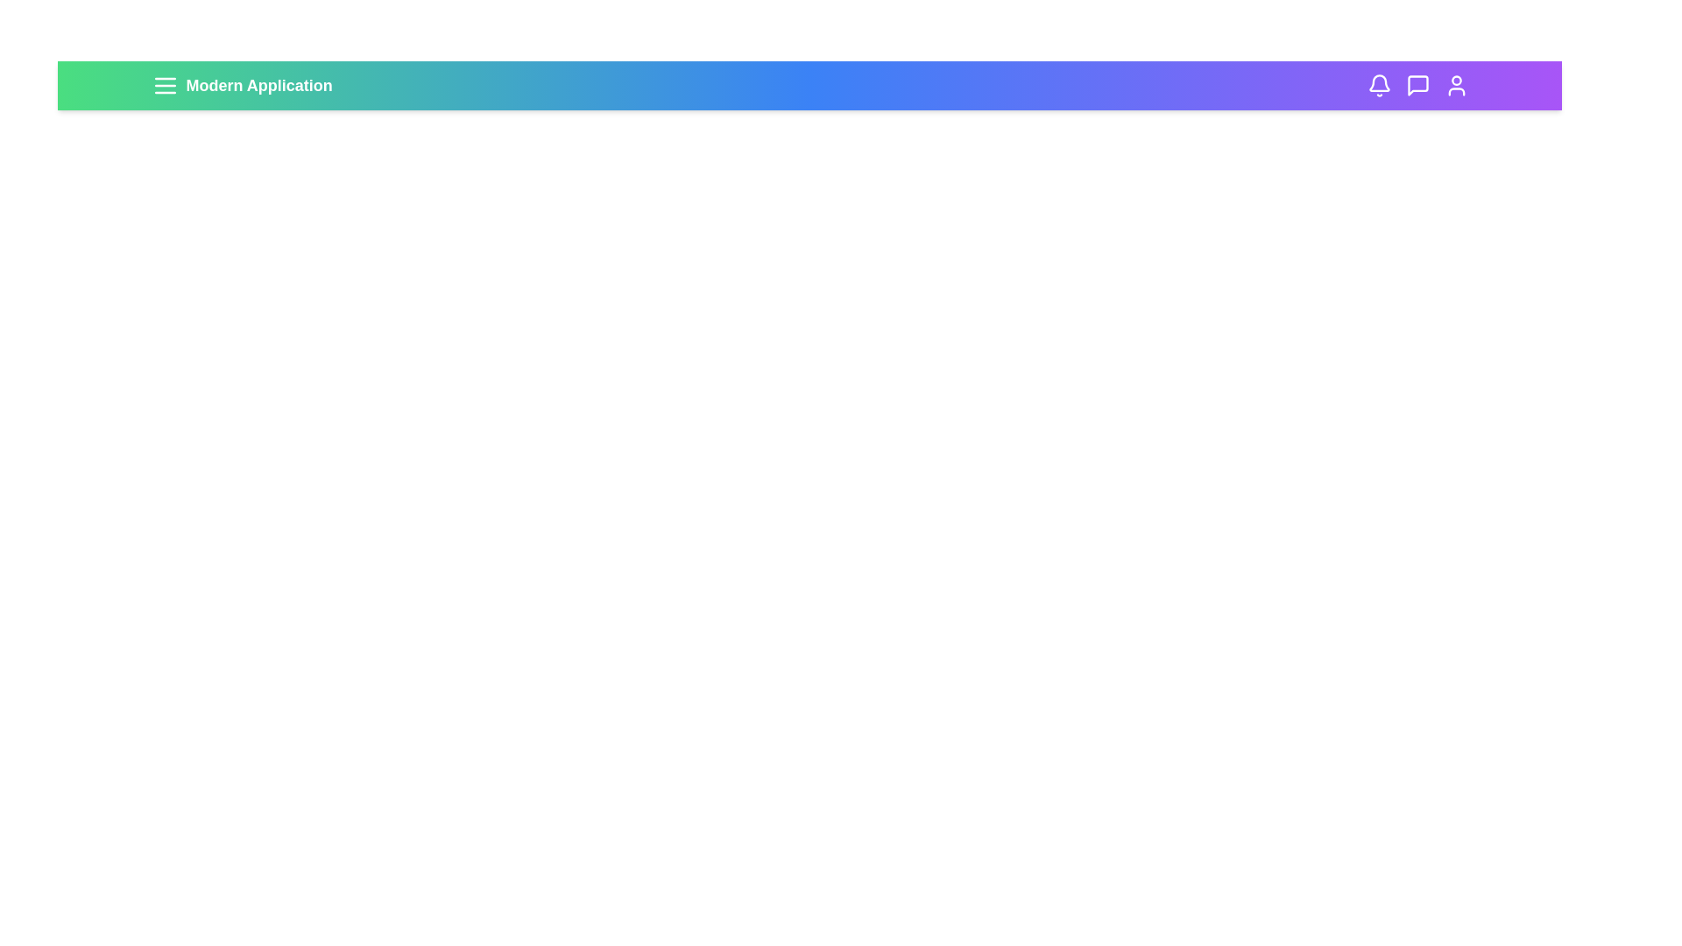 This screenshot has width=1682, height=946. What do you see at coordinates (165, 85) in the screenshot?
I see `the menu icon to toggle the main menu` at bounding box center [165, 85].